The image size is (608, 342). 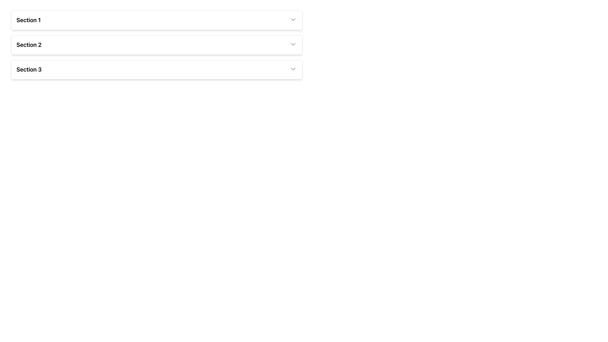 What do you see at coordinates (293, 44) in the screenshot?
I see `the collapsible dropdown button located at the far-right side of the 'Section 2' header bar` at bounding box center [293, 44].